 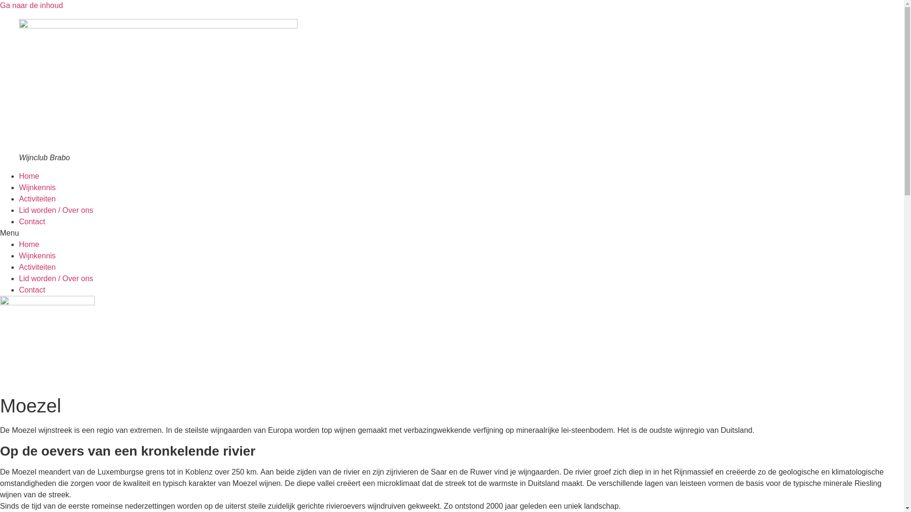 I want to click on 'Wijnkennis', so click(x=37, y=187).